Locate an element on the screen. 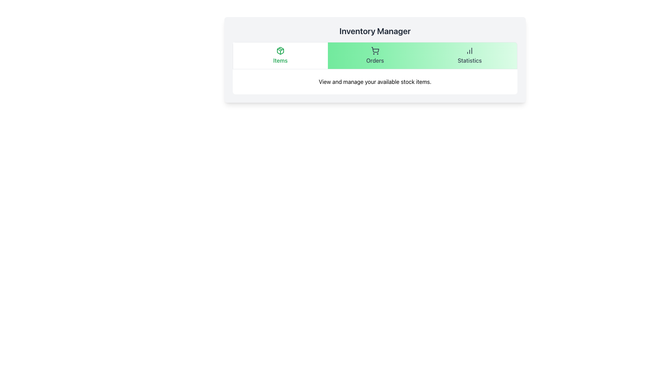 The image size is (669, 376). the leftmost navigation button is located at coordinates (280, 55).